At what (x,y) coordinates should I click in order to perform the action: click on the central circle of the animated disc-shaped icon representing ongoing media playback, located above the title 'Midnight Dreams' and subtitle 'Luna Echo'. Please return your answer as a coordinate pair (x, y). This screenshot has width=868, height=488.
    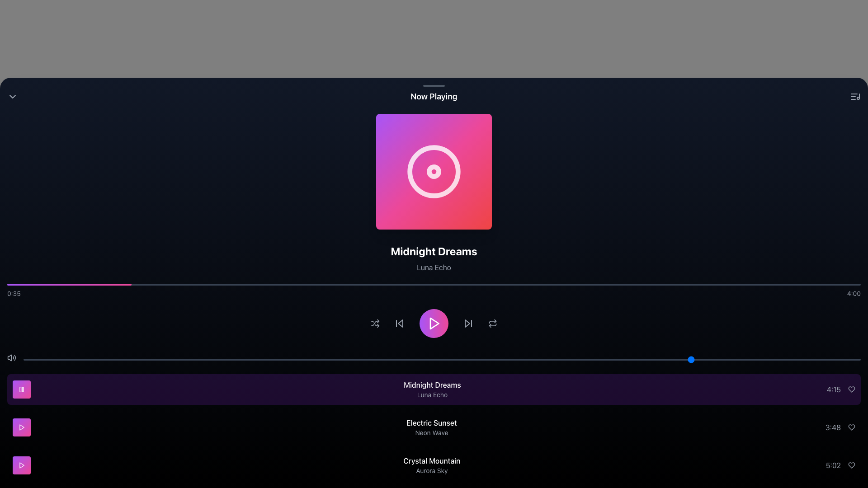
    Looking at the image, I should click on (434, 172).